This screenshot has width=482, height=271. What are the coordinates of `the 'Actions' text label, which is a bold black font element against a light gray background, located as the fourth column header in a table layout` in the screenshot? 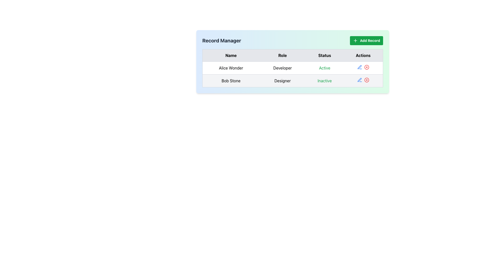 It's located at (363, 55).